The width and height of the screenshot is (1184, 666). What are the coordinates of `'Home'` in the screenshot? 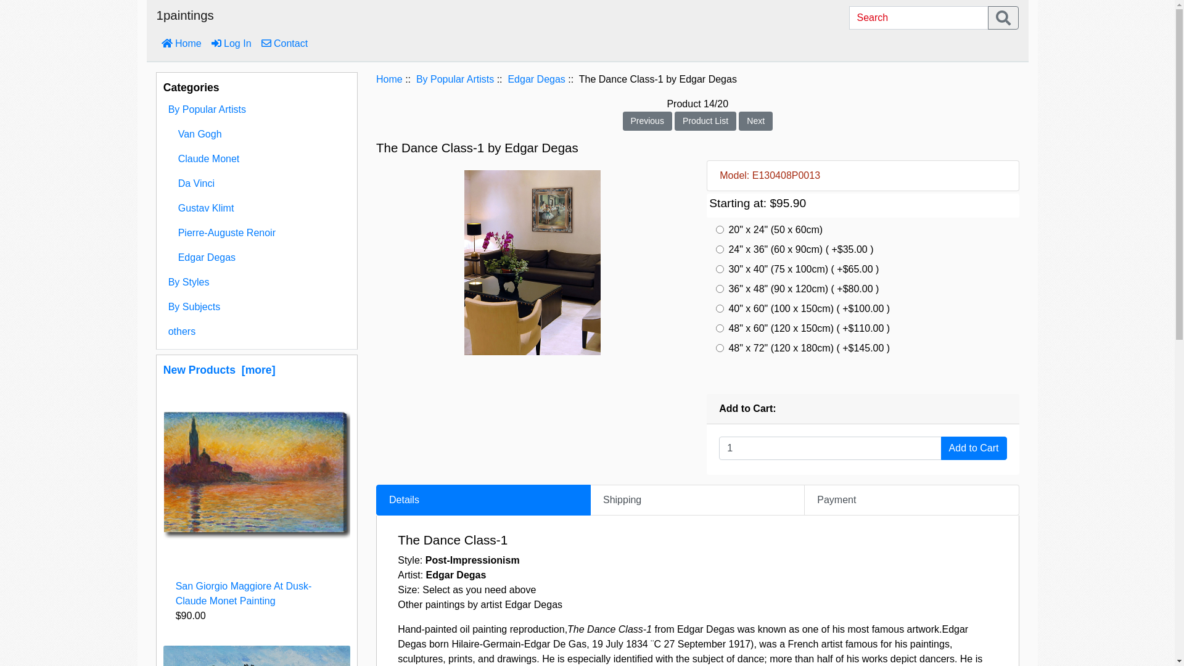 It's located at (181, 43).